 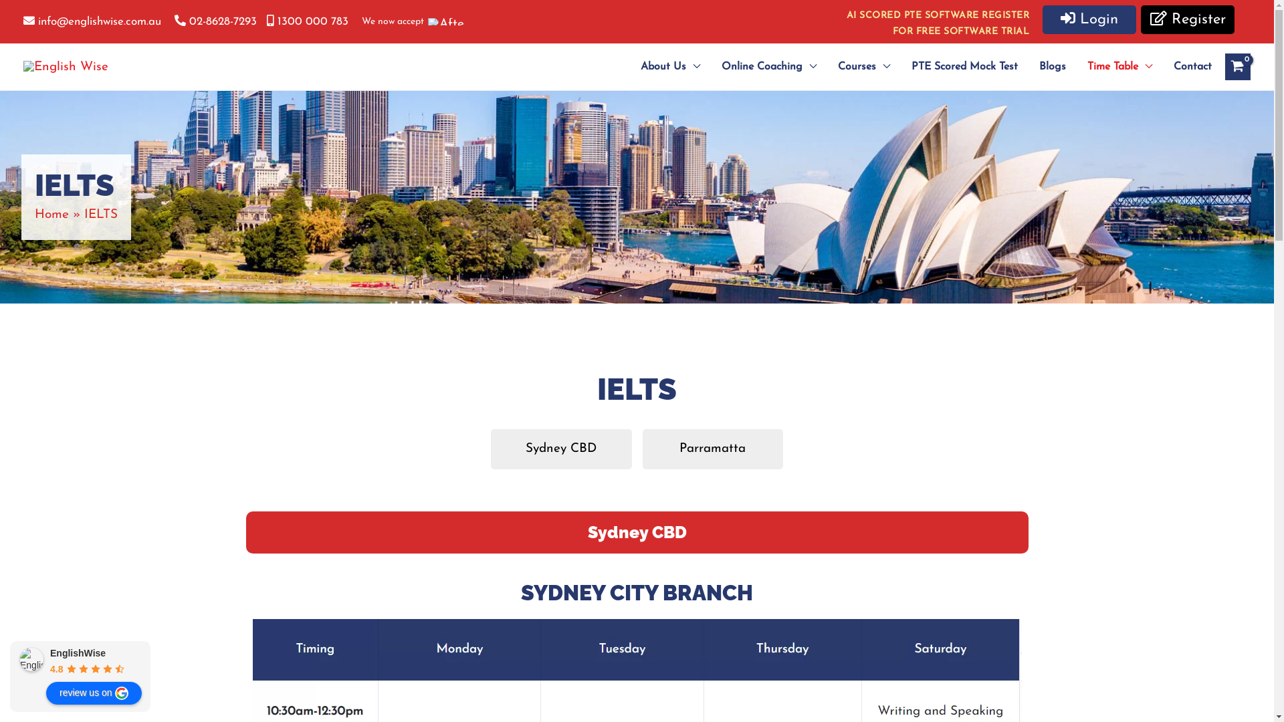 I want to click on 'Login', so click(x=1089, y=19).